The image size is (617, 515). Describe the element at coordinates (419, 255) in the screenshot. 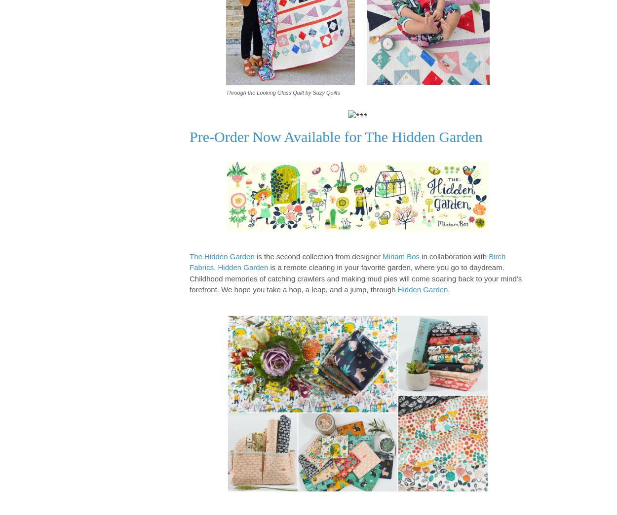

I see `'in collaboration with'` at that location.